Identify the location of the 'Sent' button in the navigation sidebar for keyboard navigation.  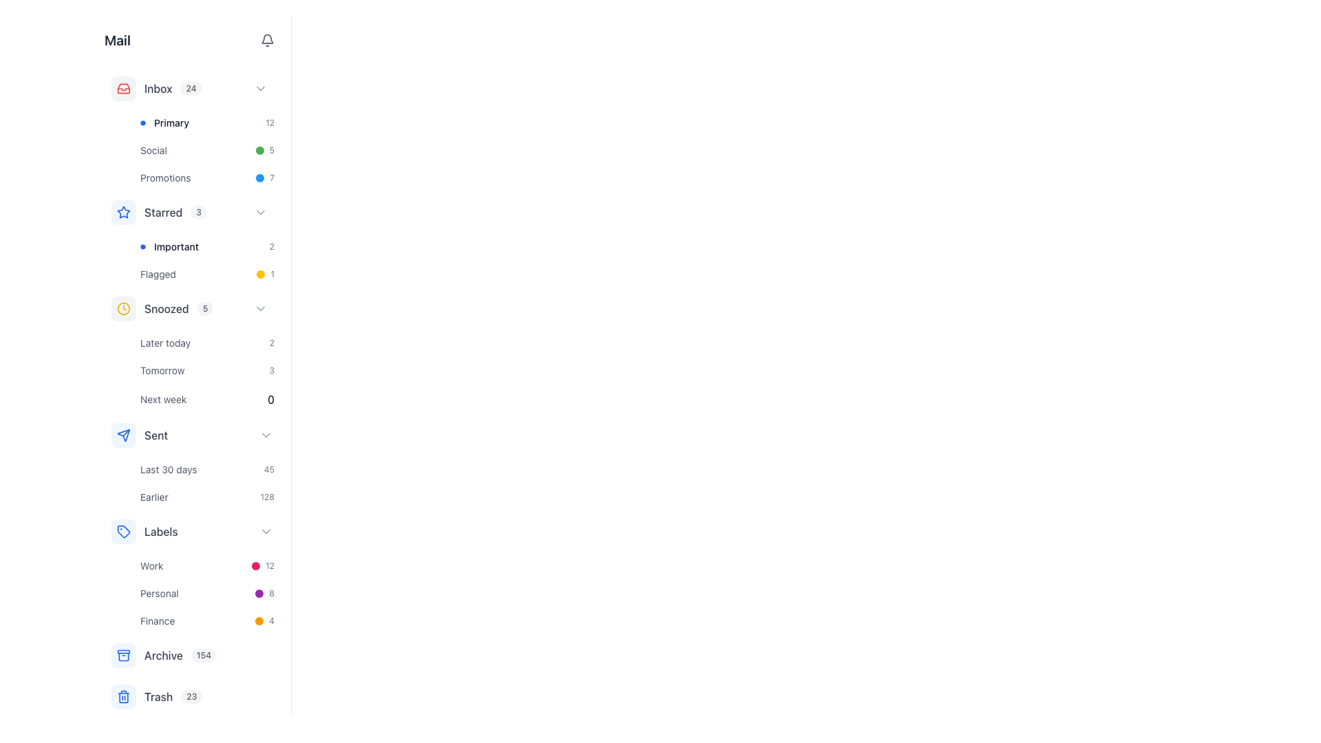
(191, 435).